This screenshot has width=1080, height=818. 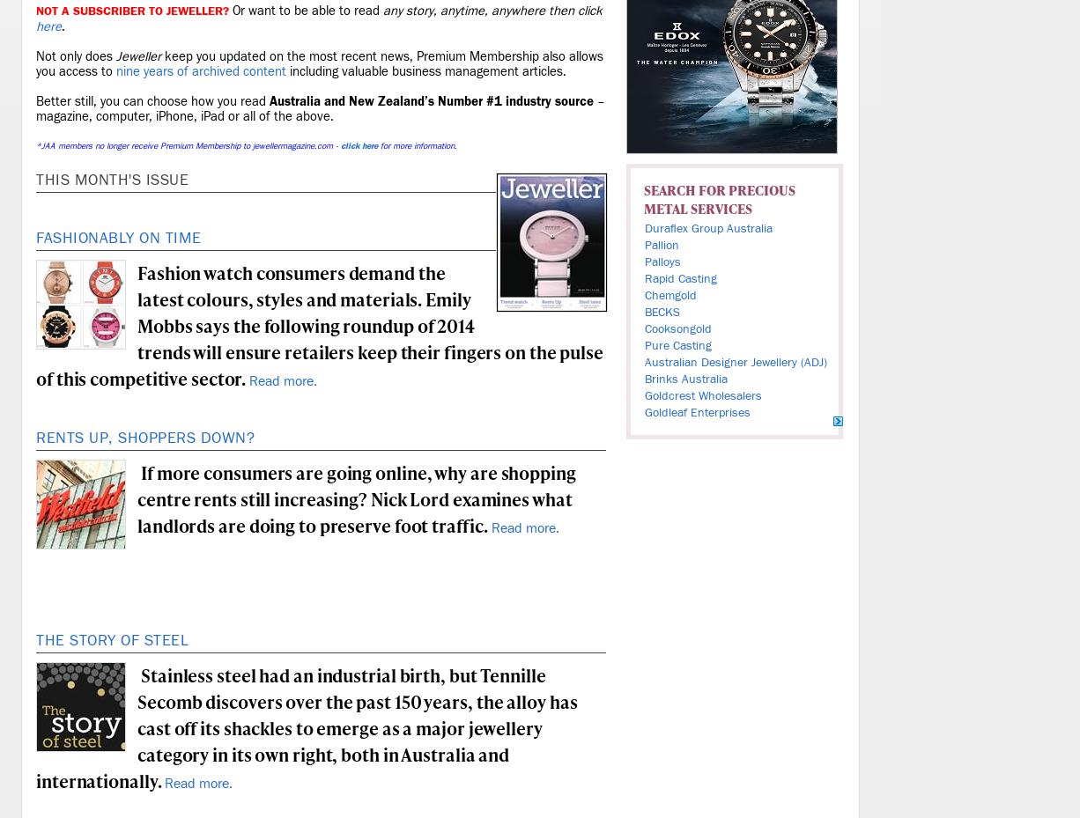 I want to click on '.', so click(x=63, y=26).